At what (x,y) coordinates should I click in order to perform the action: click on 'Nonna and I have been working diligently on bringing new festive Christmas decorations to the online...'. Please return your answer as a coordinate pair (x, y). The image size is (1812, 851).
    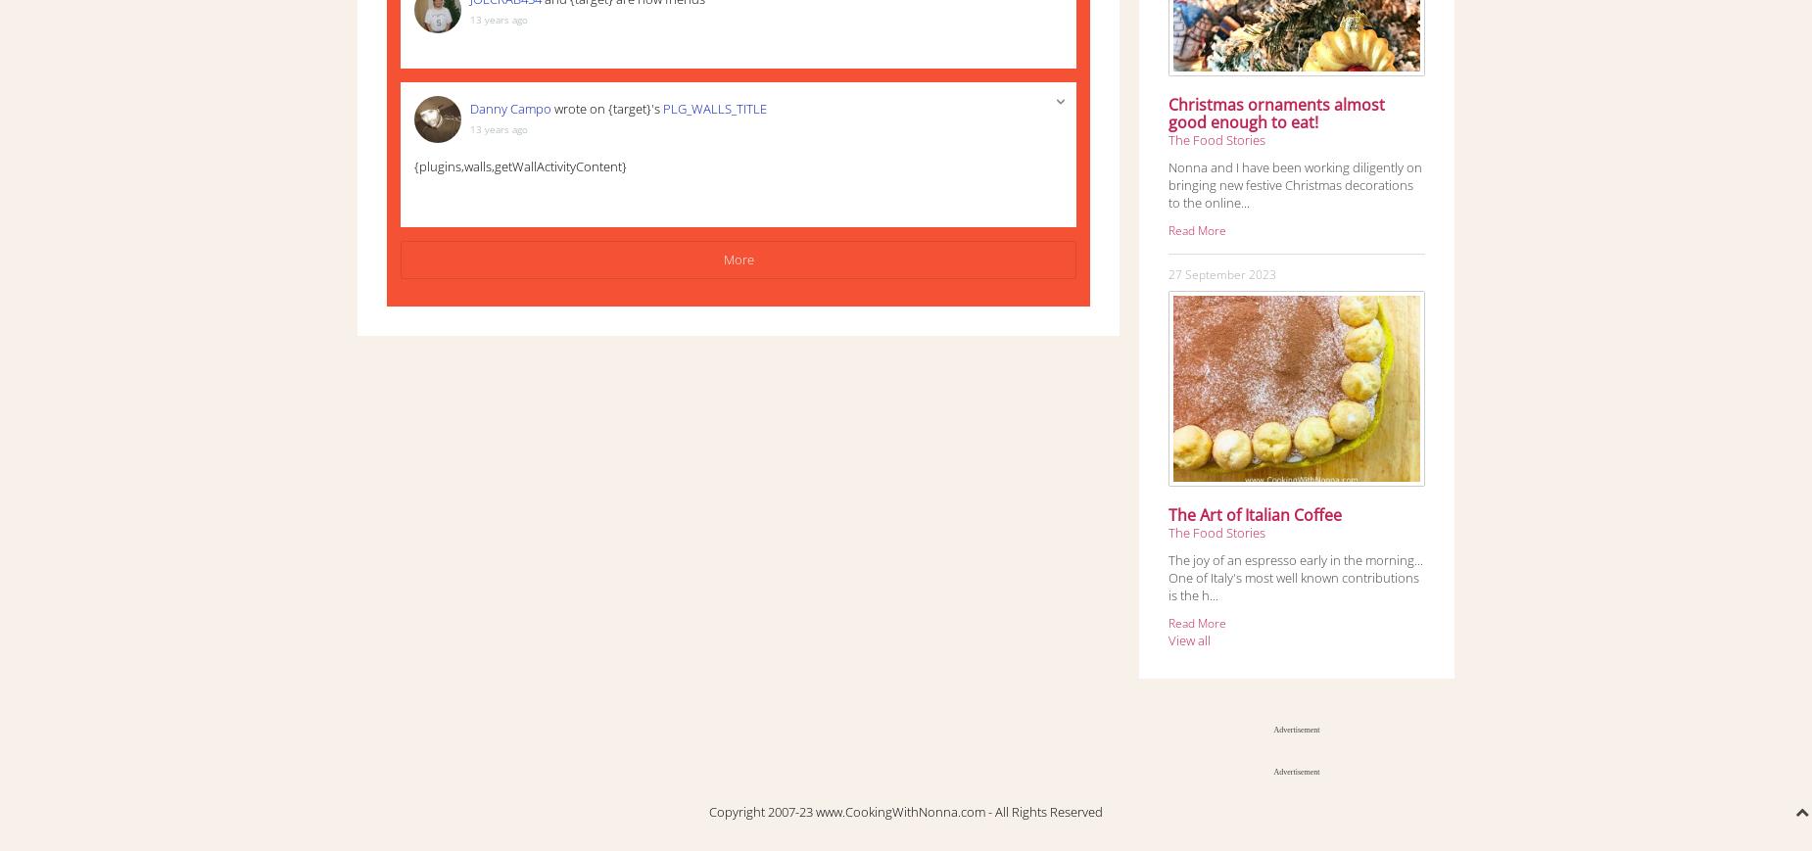
    Looking at the image, I should click on (1294, 184).